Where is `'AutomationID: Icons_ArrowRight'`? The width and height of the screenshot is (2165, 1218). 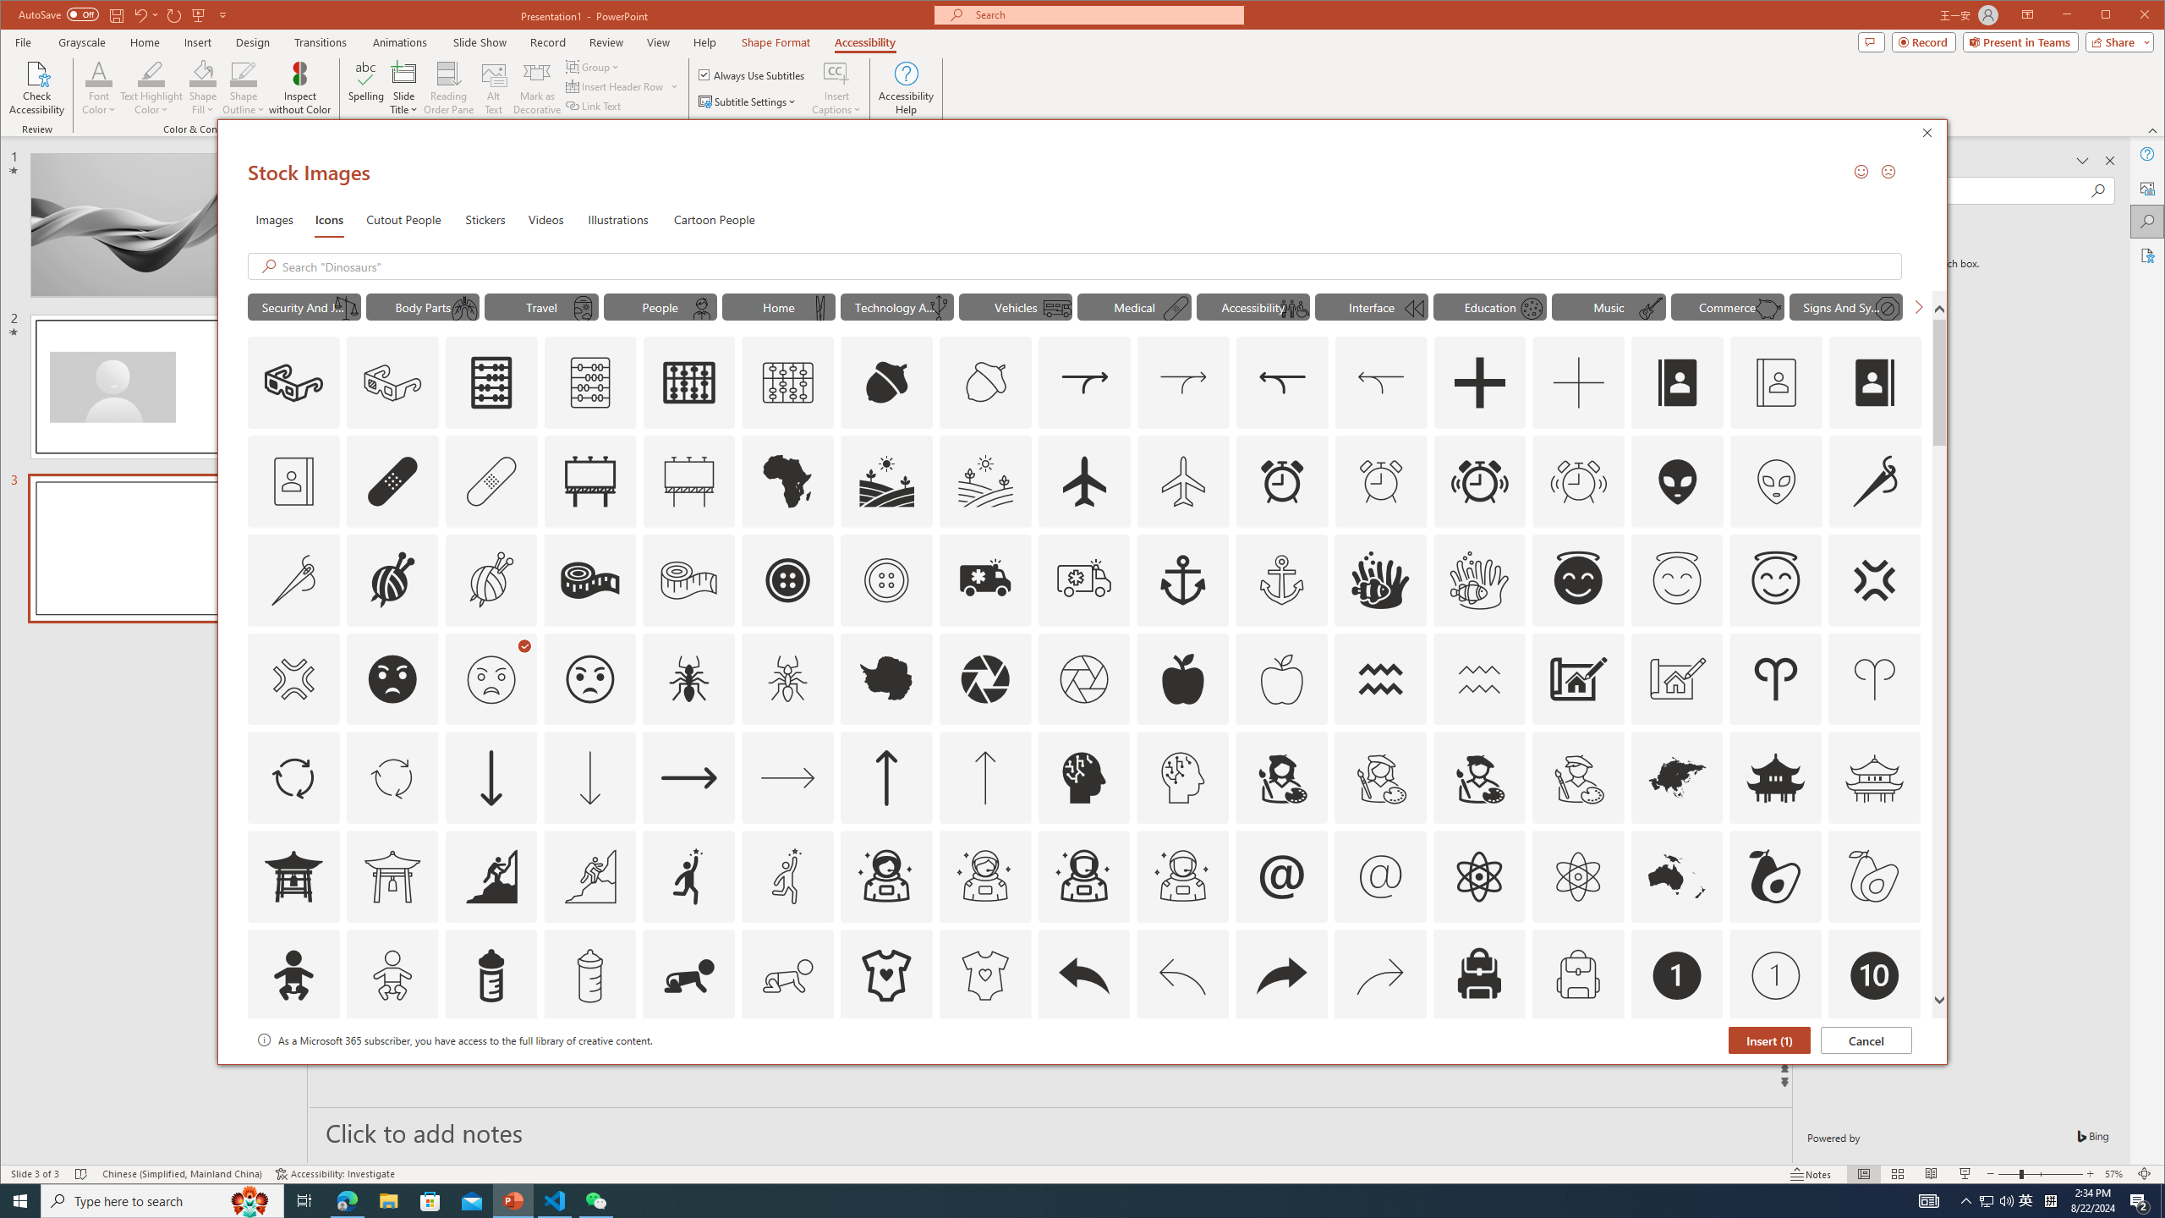
'AutomationID: Icons_ArrowRight' is located at coordinates (688, 777).